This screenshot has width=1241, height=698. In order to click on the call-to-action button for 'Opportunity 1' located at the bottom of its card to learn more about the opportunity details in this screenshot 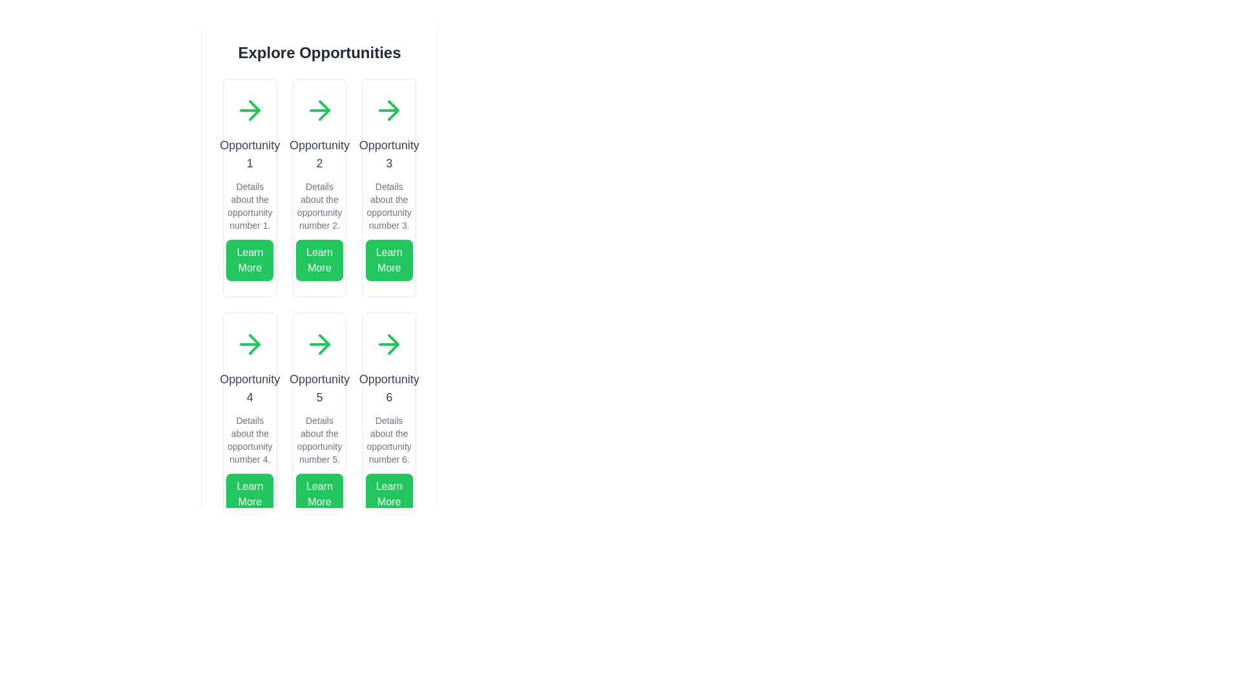, I will do `click(249, 260)`.